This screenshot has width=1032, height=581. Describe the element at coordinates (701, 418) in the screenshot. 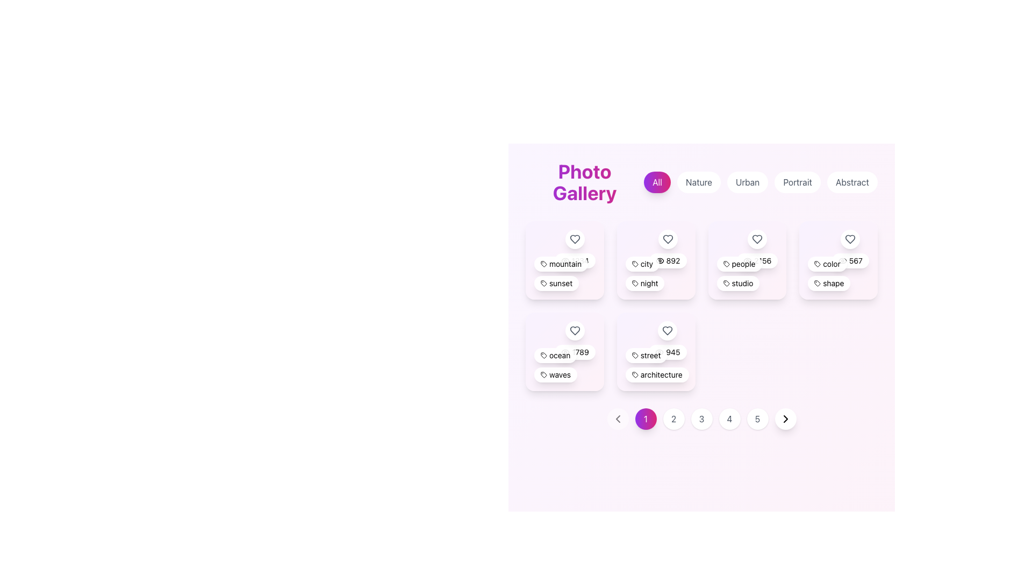

I see `the third pagination button located at the bottom center of the application interface` at that location.